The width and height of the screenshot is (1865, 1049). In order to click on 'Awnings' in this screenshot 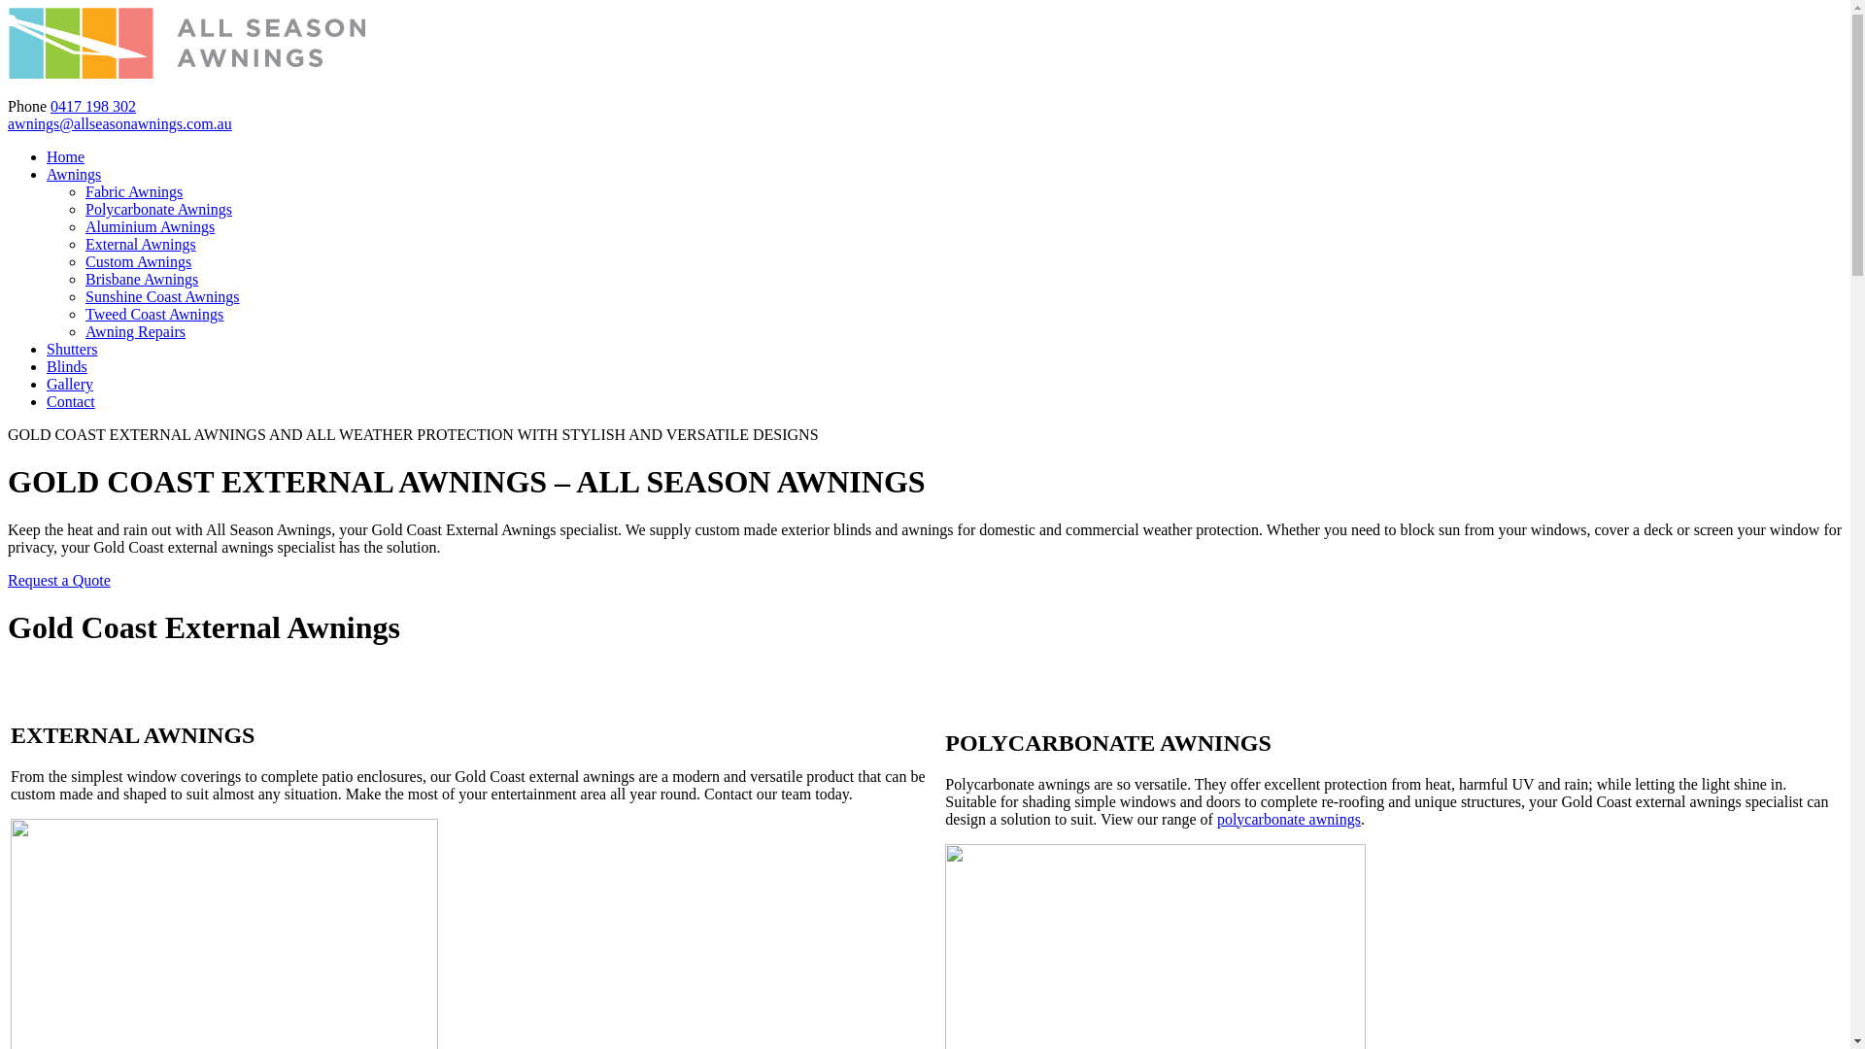, I will do `click(74, 173)`.